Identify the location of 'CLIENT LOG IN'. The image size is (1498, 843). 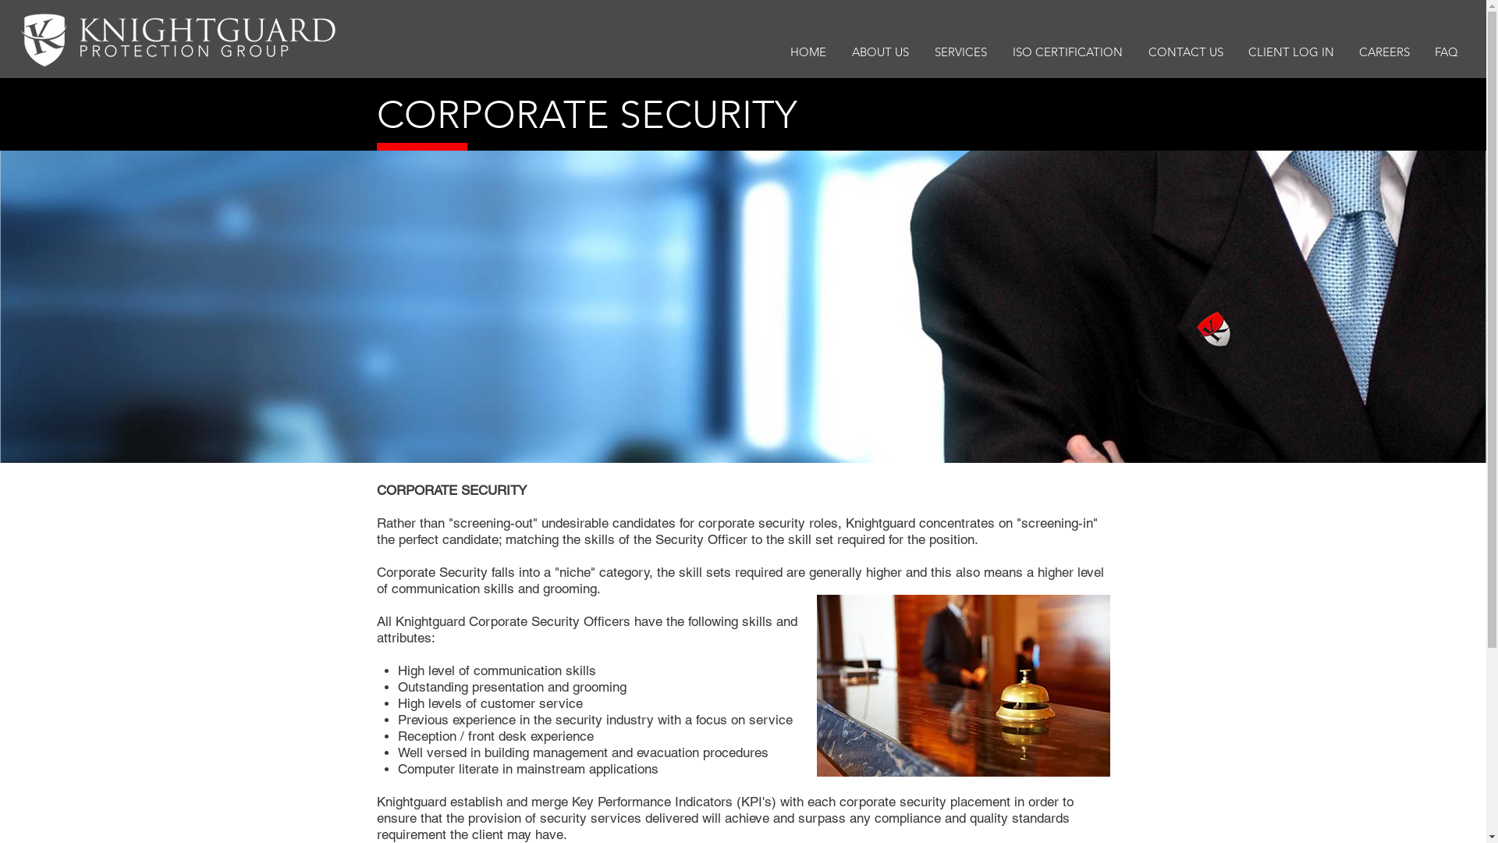
(1291, 51).